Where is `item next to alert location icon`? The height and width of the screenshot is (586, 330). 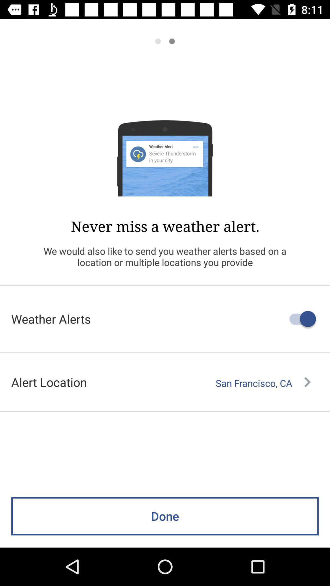
item next to alert location icon is located at coordinates (263, 383).